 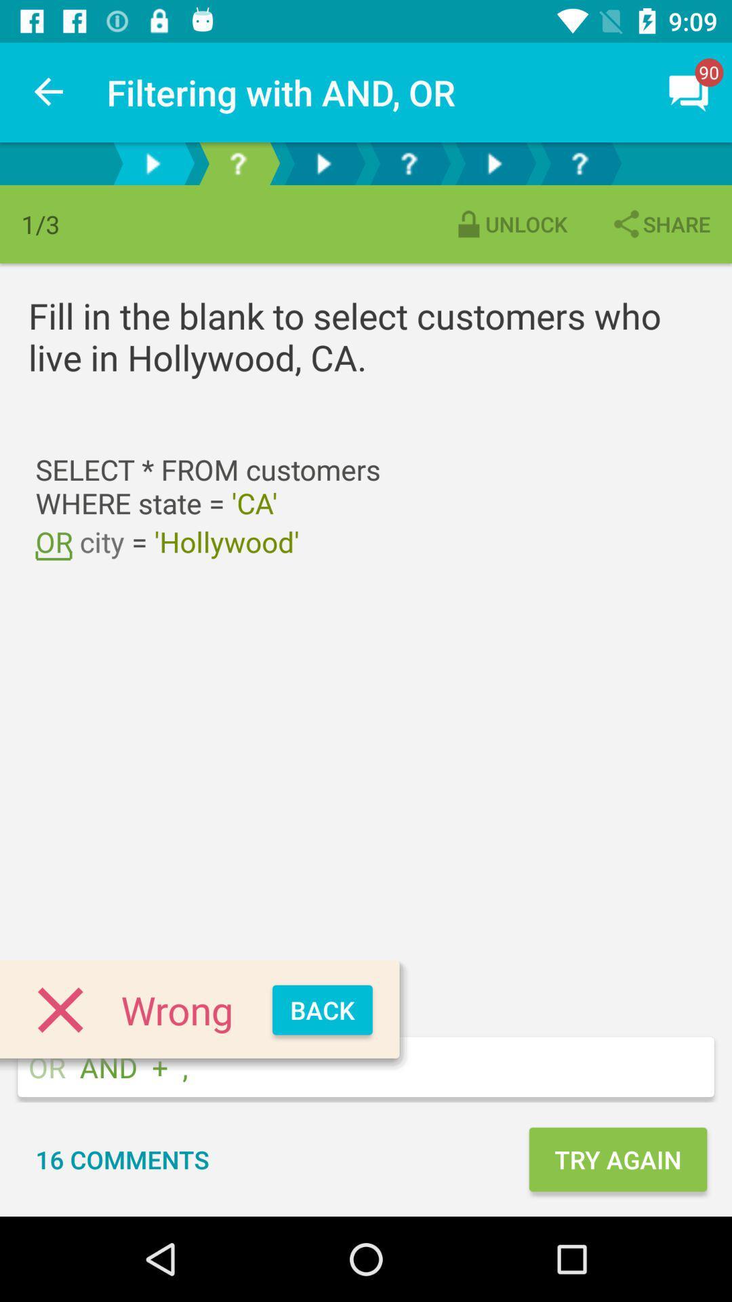 What do you see at coordinates (152, 163) in the screenshot?
I see `first page of lesson` at bounding box center [152, 163].